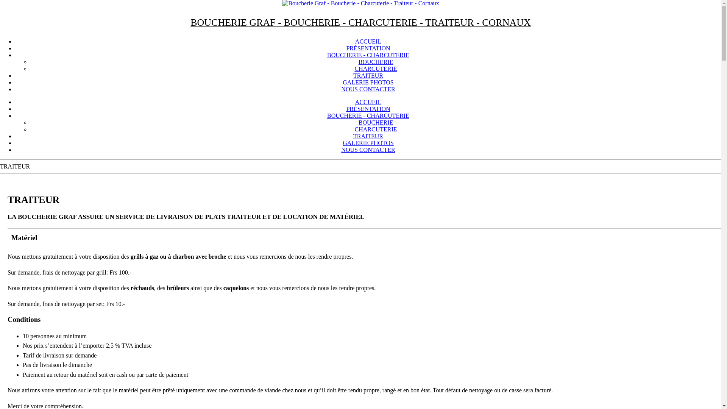  What do you see at coordinates (353, 136) in the screenshot?
I see `'TRAITEUR'` at bounding box center [353, 136].